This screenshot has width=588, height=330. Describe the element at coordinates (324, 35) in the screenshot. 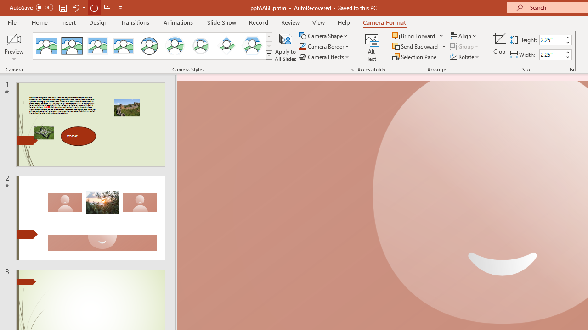

I see `'Camera Shape'` at that location.